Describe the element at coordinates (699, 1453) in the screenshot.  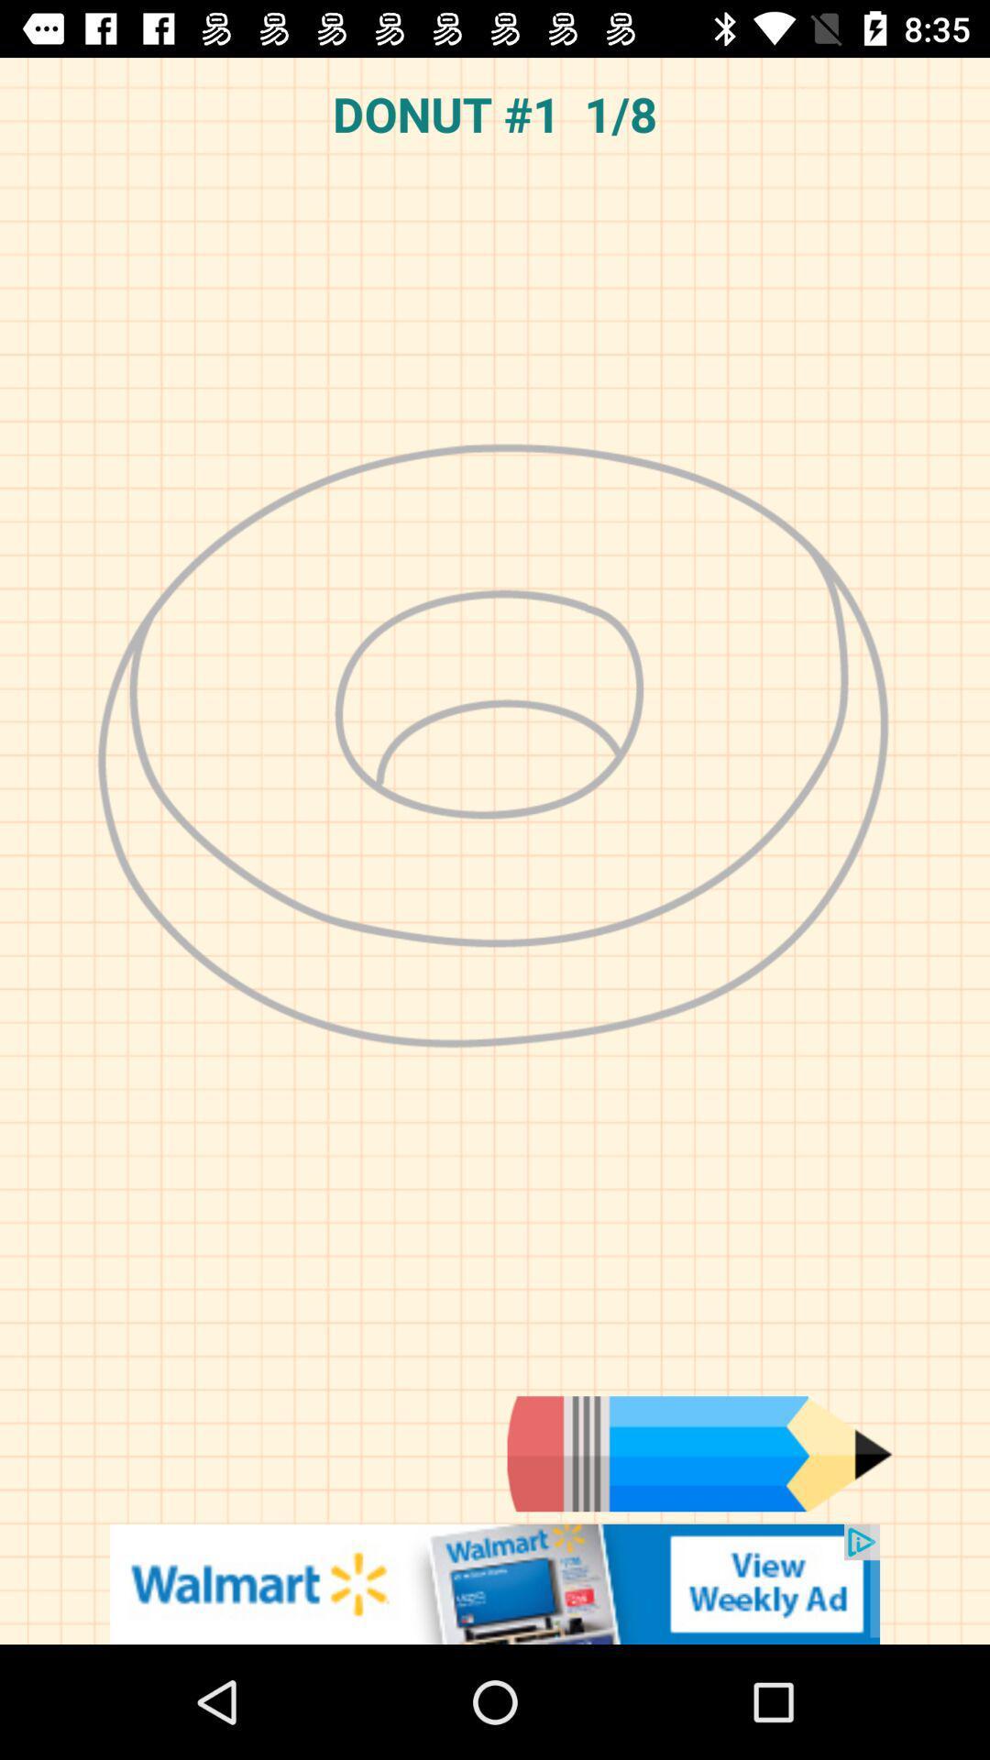
I see `draw` at that location.